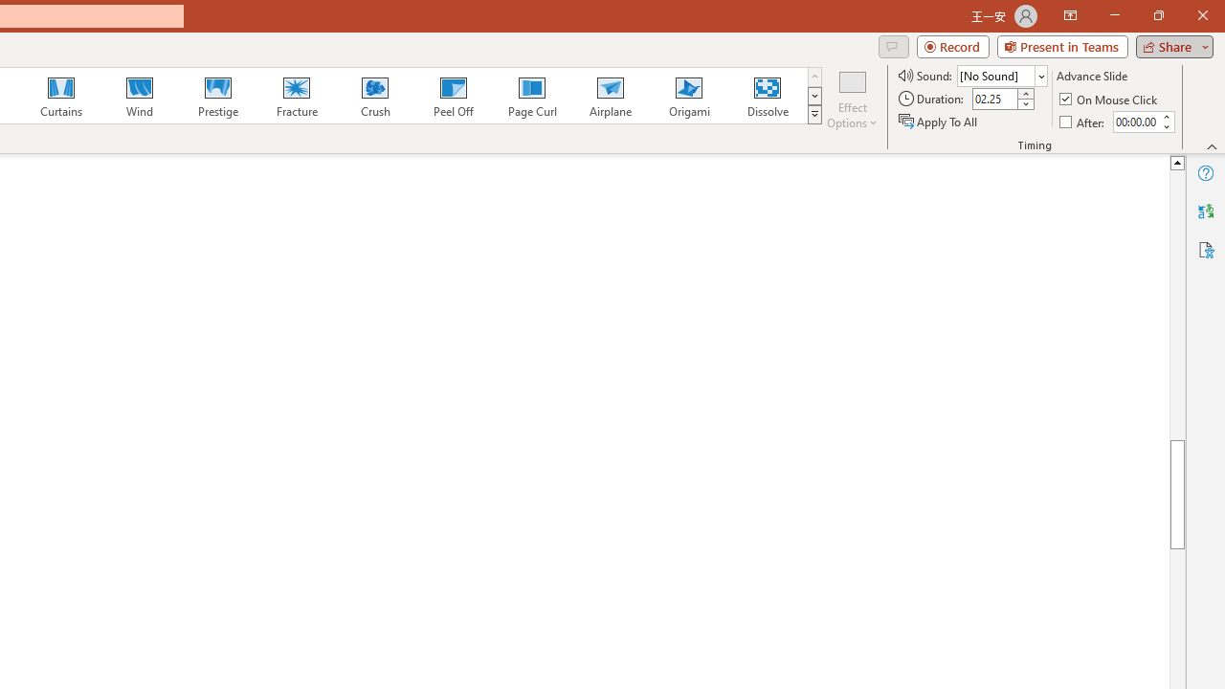  Describe the element at coordinates (939, 122) in the screenshot. I see `'Apply To All'` at that location.